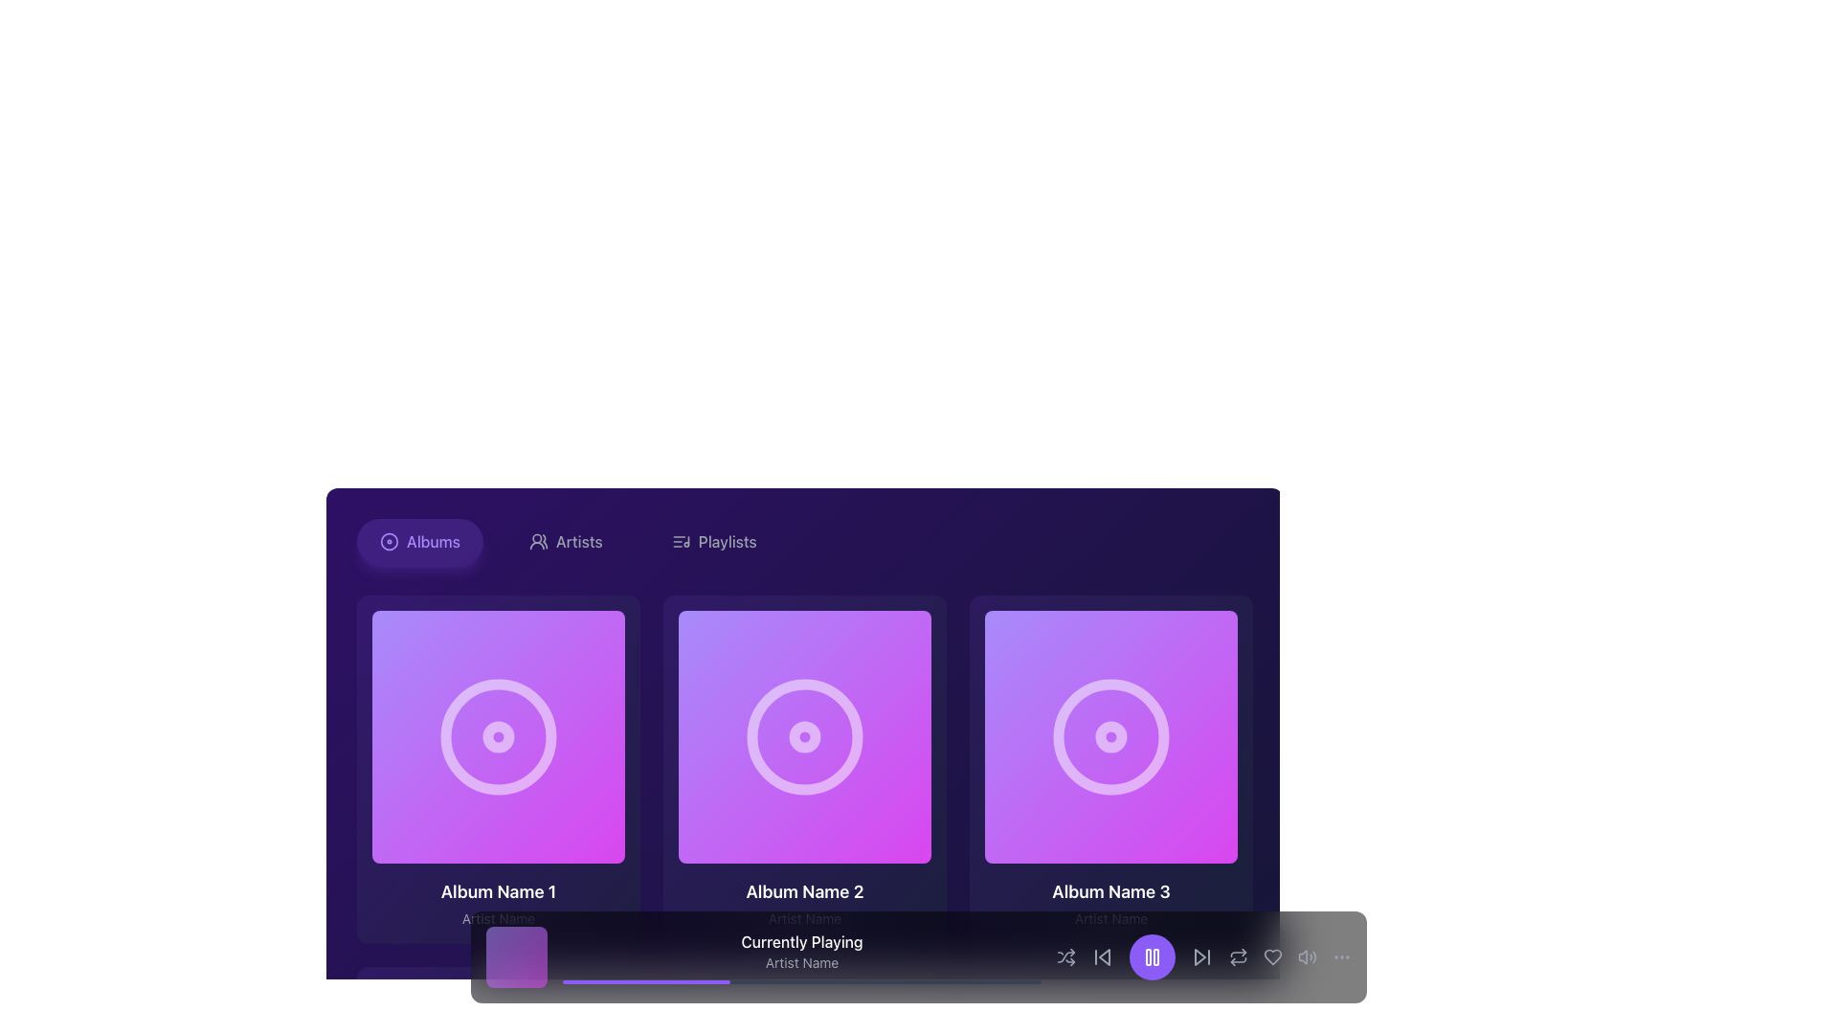  I want to click on the circular icon with a violet-to-pink gradient located in the first position of the row of album tiles in the 'Albums' section of the dashboard interface, so click(499, 736).